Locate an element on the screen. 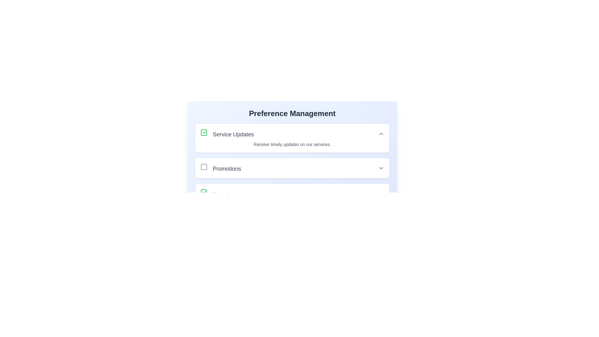  descriptive text block containing the phrase 'Receive timely updates on our services.' located beneath the 'Service Updates' heading is located at coordinates (292, 144).